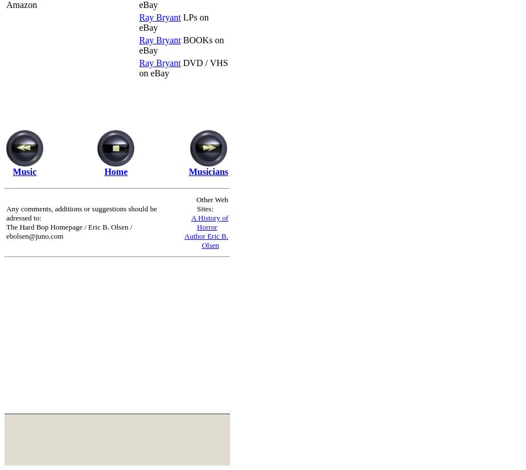 This screenshot has height=470, width=526. Describe the element at coordinates (183, 67) in the screenshot. I see `'DVD / VHS on eBay'` at that location.